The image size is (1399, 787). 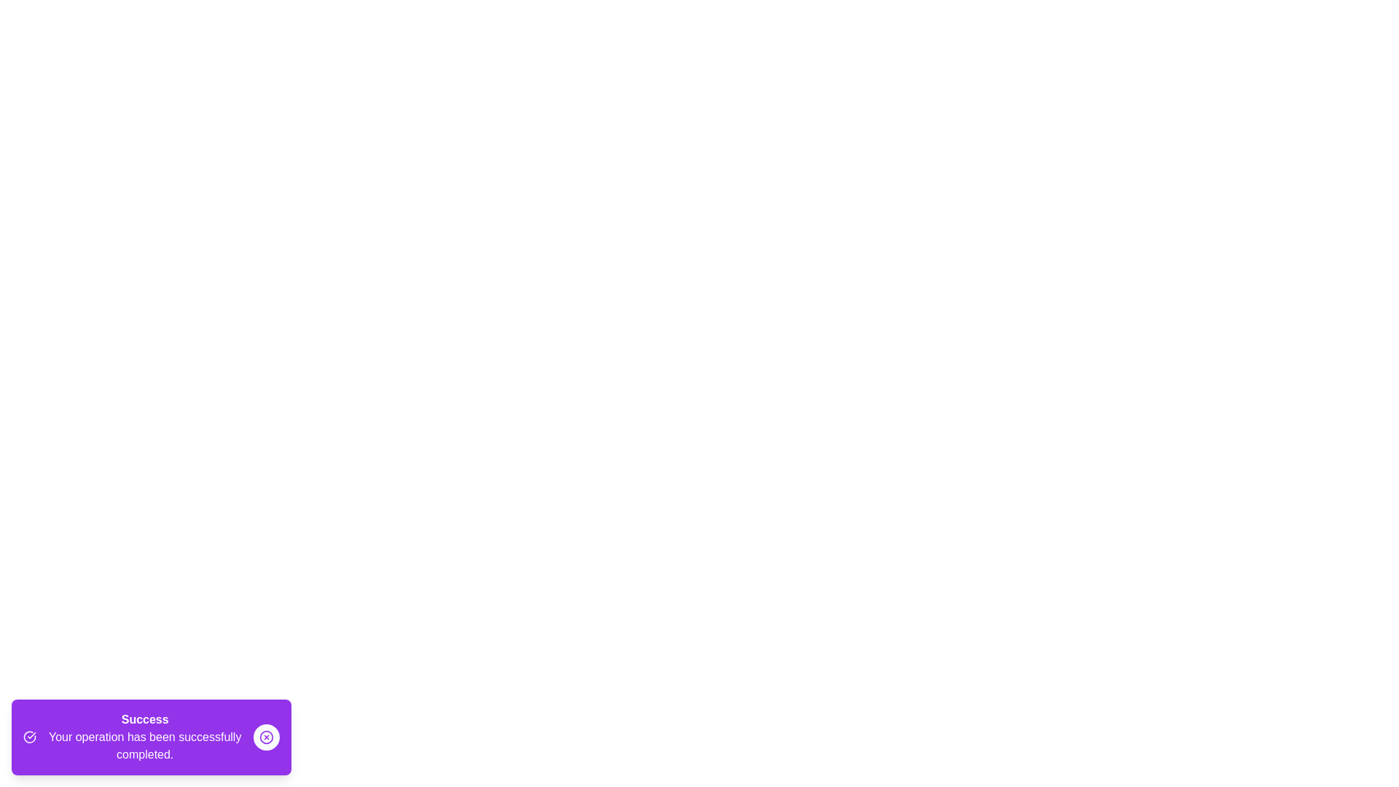 I want to click on the icons within the snackbar, so click(x=30, y=737).